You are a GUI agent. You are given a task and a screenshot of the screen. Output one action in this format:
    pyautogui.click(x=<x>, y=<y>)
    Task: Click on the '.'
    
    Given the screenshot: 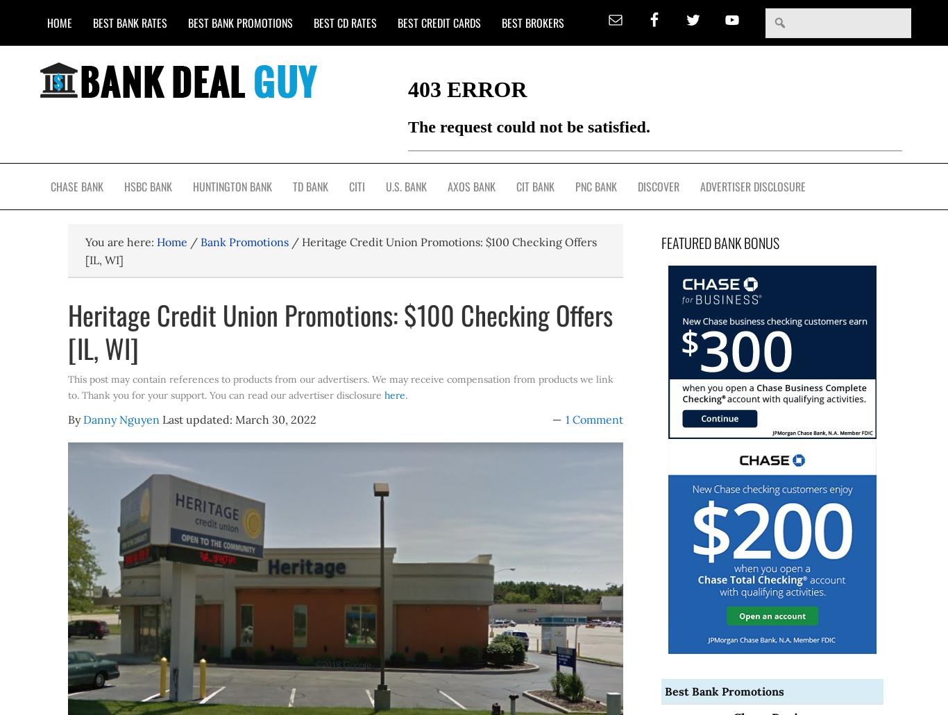 What is the action you would take?
    pyautogui.click(x=405, y=394)
    